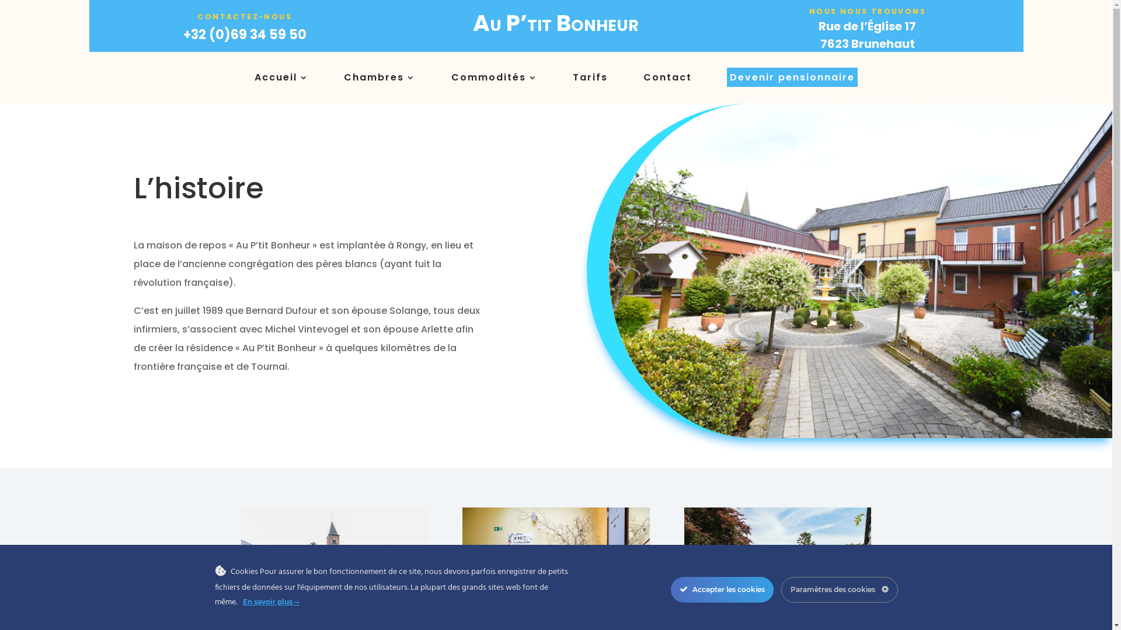  Describe the element at coordinates (343, 79) in the screenshot. I see `'Chambres'` at that location.